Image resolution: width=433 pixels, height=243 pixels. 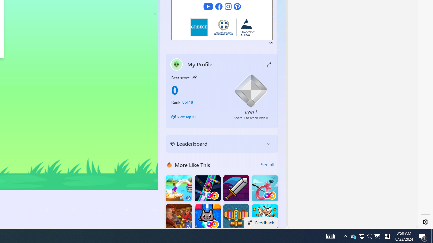 What do you see at coordinates (179, 217) in the screenshot?
I see `'Saloon Robbery'` at bounding box center [179, 217].